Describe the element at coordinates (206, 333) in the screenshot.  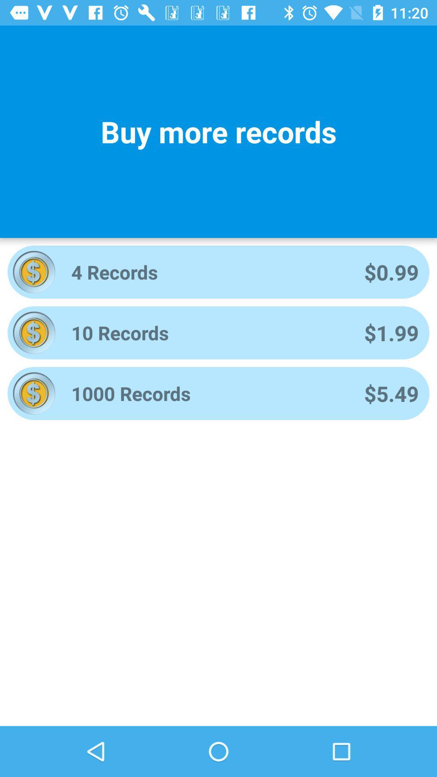
I see `icon next to $1.99 item` at that location.